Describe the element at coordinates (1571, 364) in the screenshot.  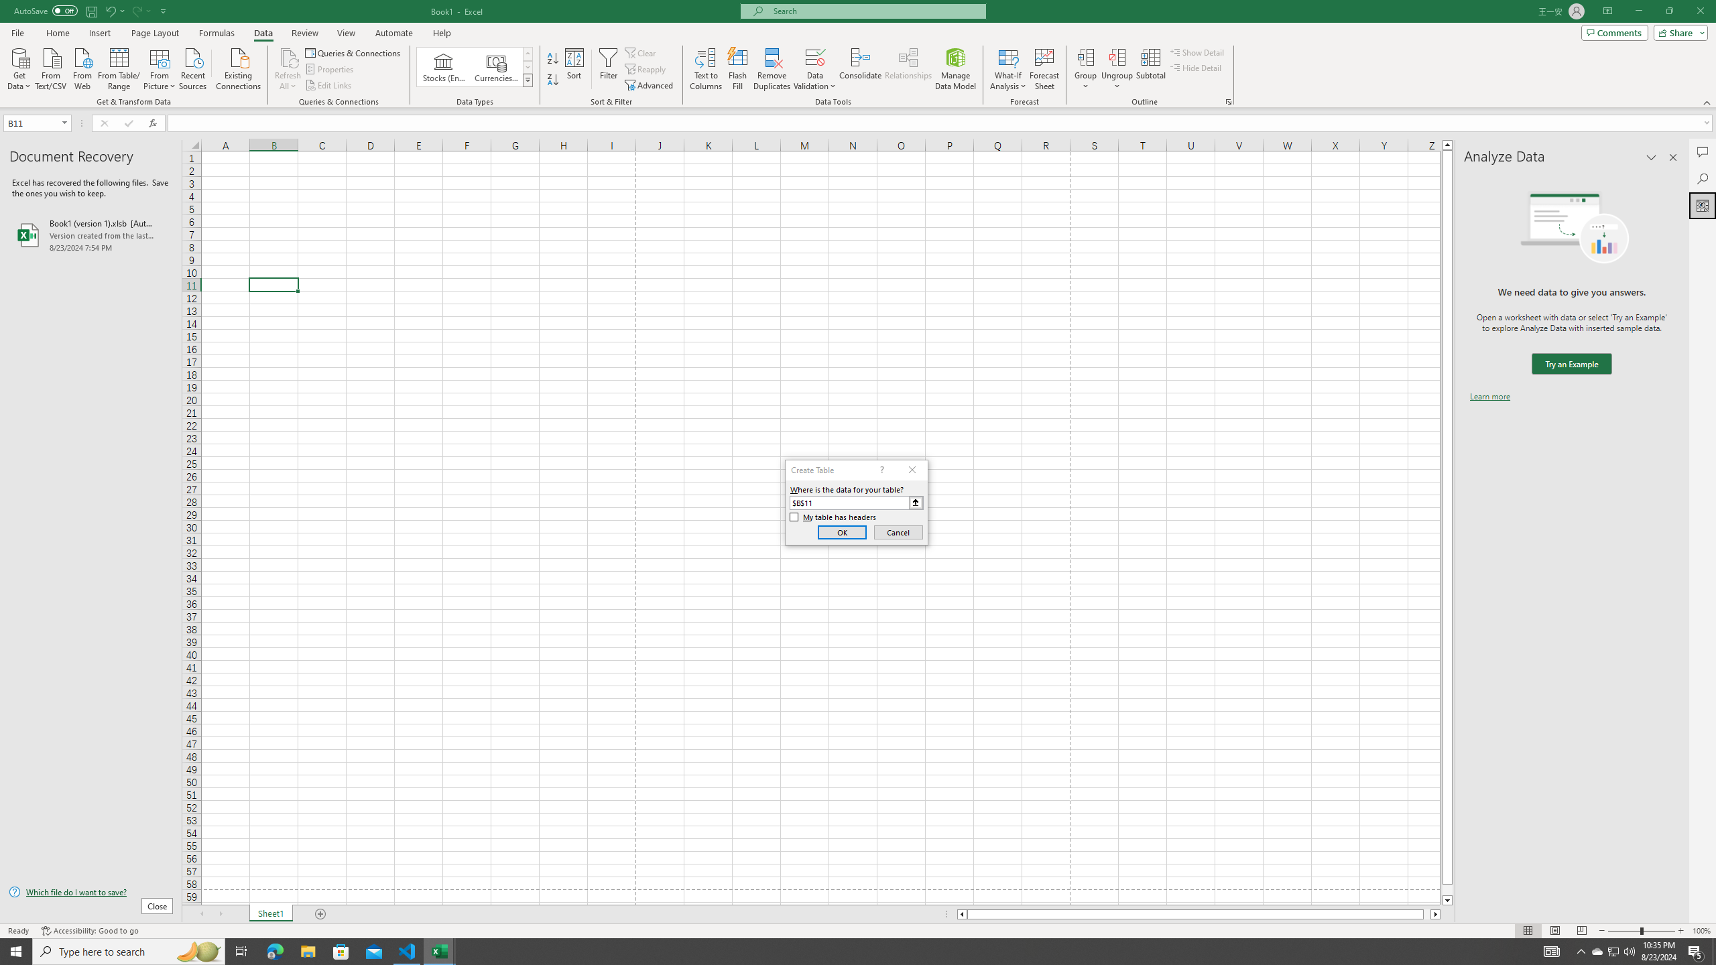
I see `'We need data to give you answers. Try an Example'` at that location.